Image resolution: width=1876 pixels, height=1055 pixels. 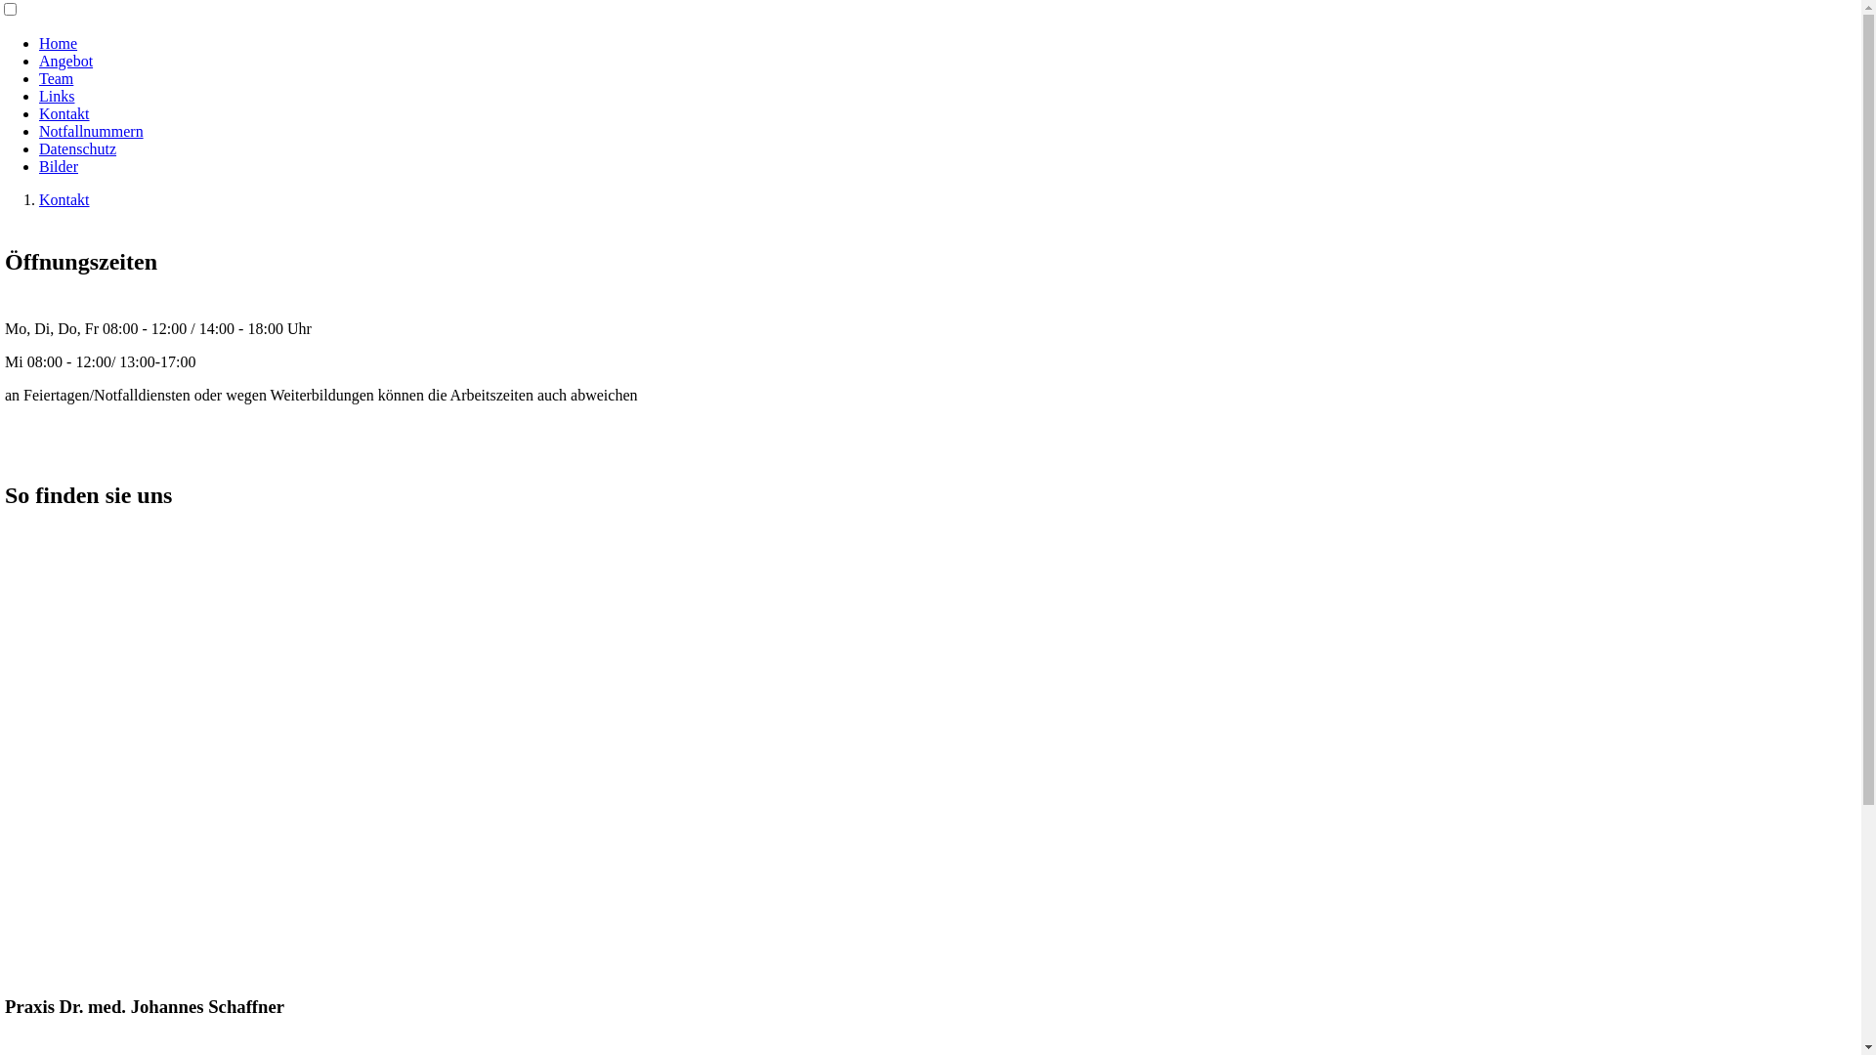 What do you see at coordinates (58, 43) in the screenshot?
I see `'Home'` at bounding box center [58, 43].